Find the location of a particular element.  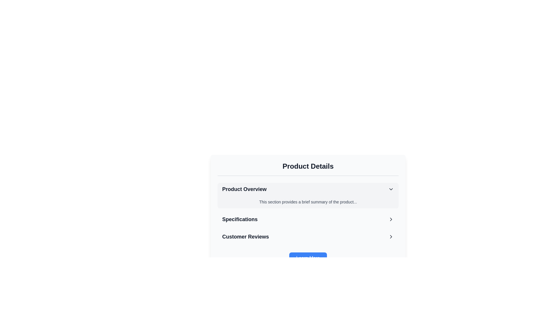

the chevron icon located on the far right side of the Specification section, which is aligned horizontally with the Specification text label is located at coordinates (391, 219).